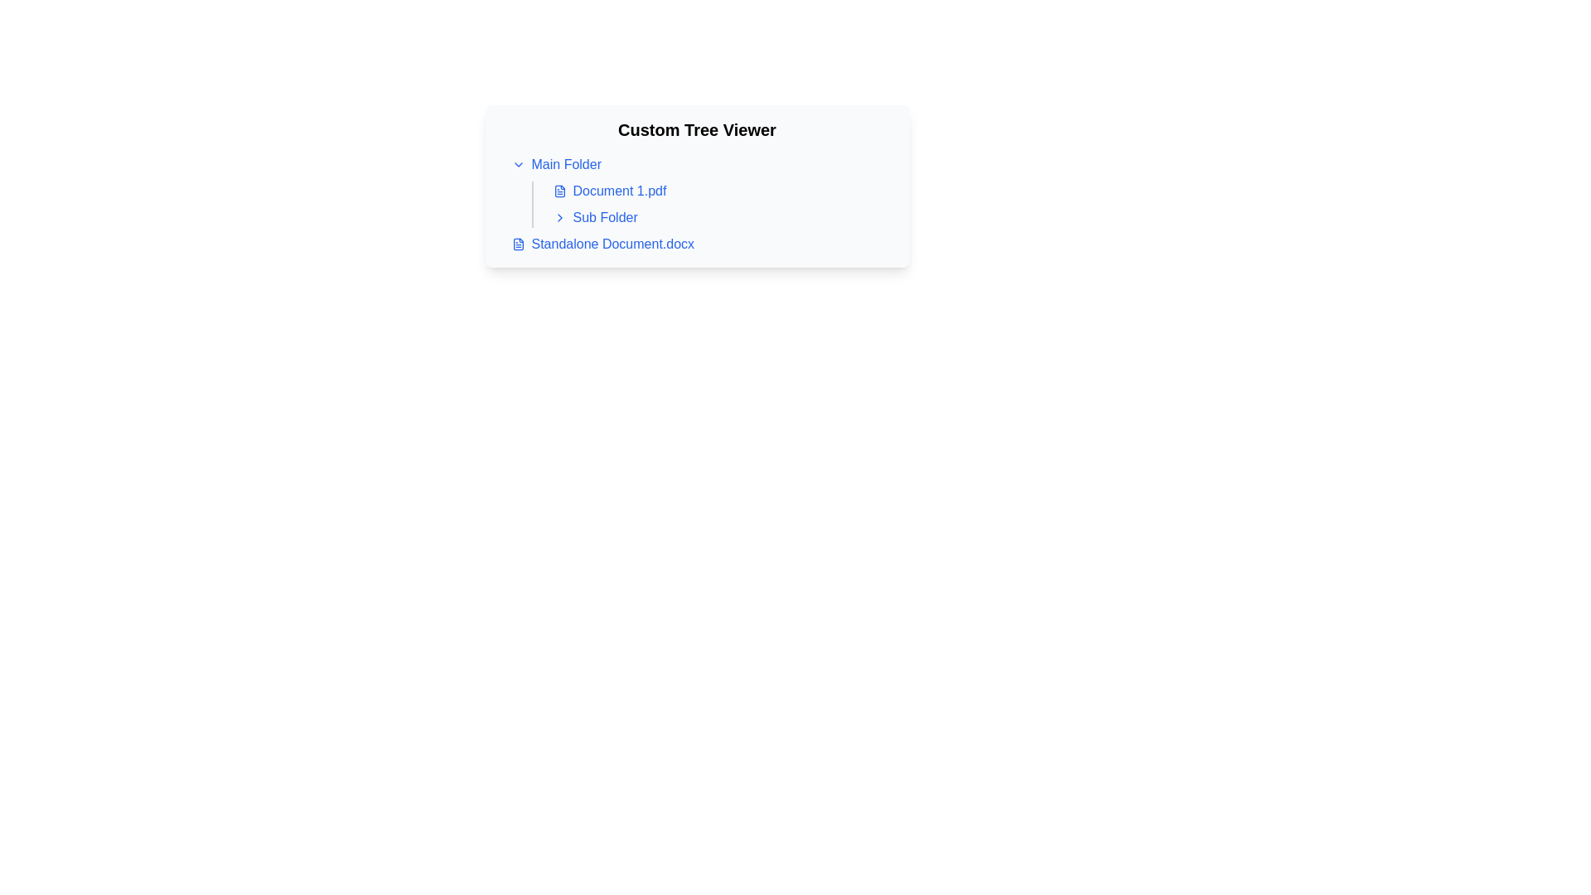  I want to click on the hyperlink for 'Standalone Document.docx', which is the third item, so click(612, 244).